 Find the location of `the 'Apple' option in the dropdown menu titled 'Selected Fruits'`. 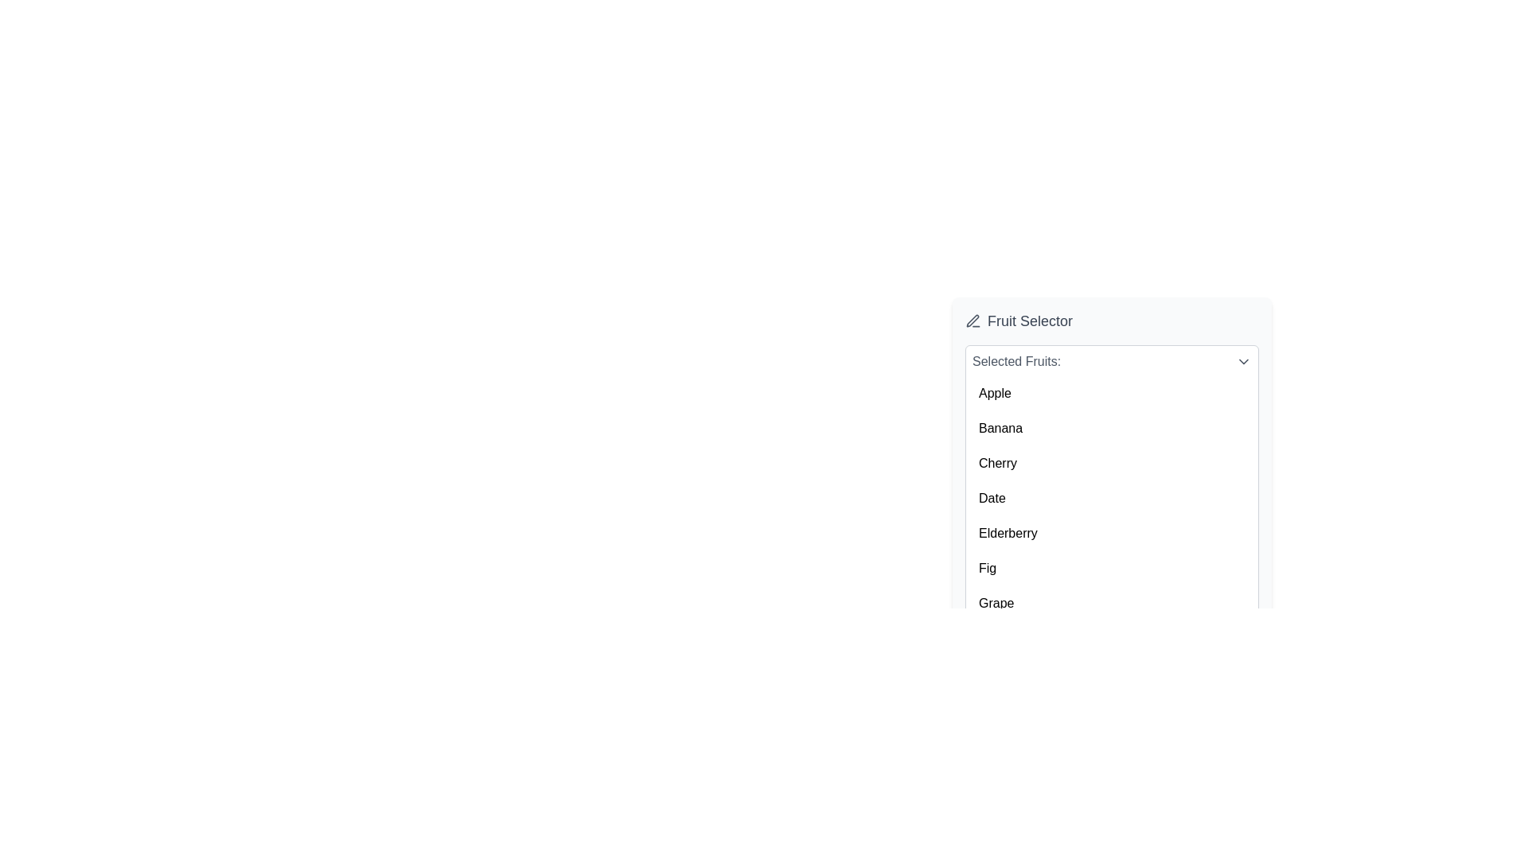

the 'Apple' option in the dropdown menu titled 'Selected Fruits' is located at coordinates (1111, 393).